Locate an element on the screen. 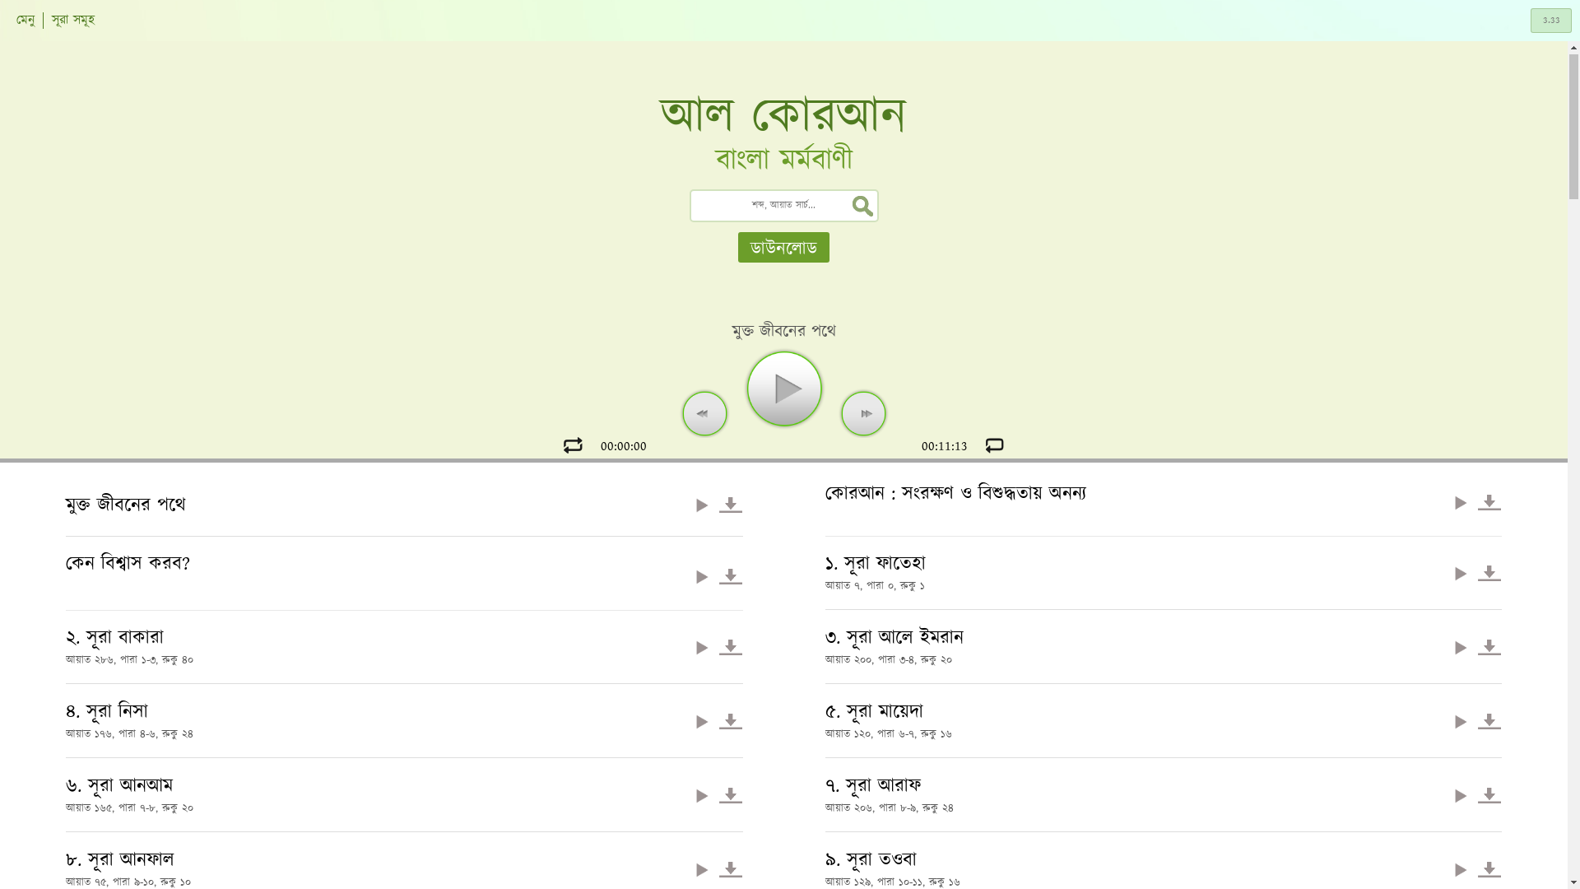  'Download' is located at coordinates (729, 794).